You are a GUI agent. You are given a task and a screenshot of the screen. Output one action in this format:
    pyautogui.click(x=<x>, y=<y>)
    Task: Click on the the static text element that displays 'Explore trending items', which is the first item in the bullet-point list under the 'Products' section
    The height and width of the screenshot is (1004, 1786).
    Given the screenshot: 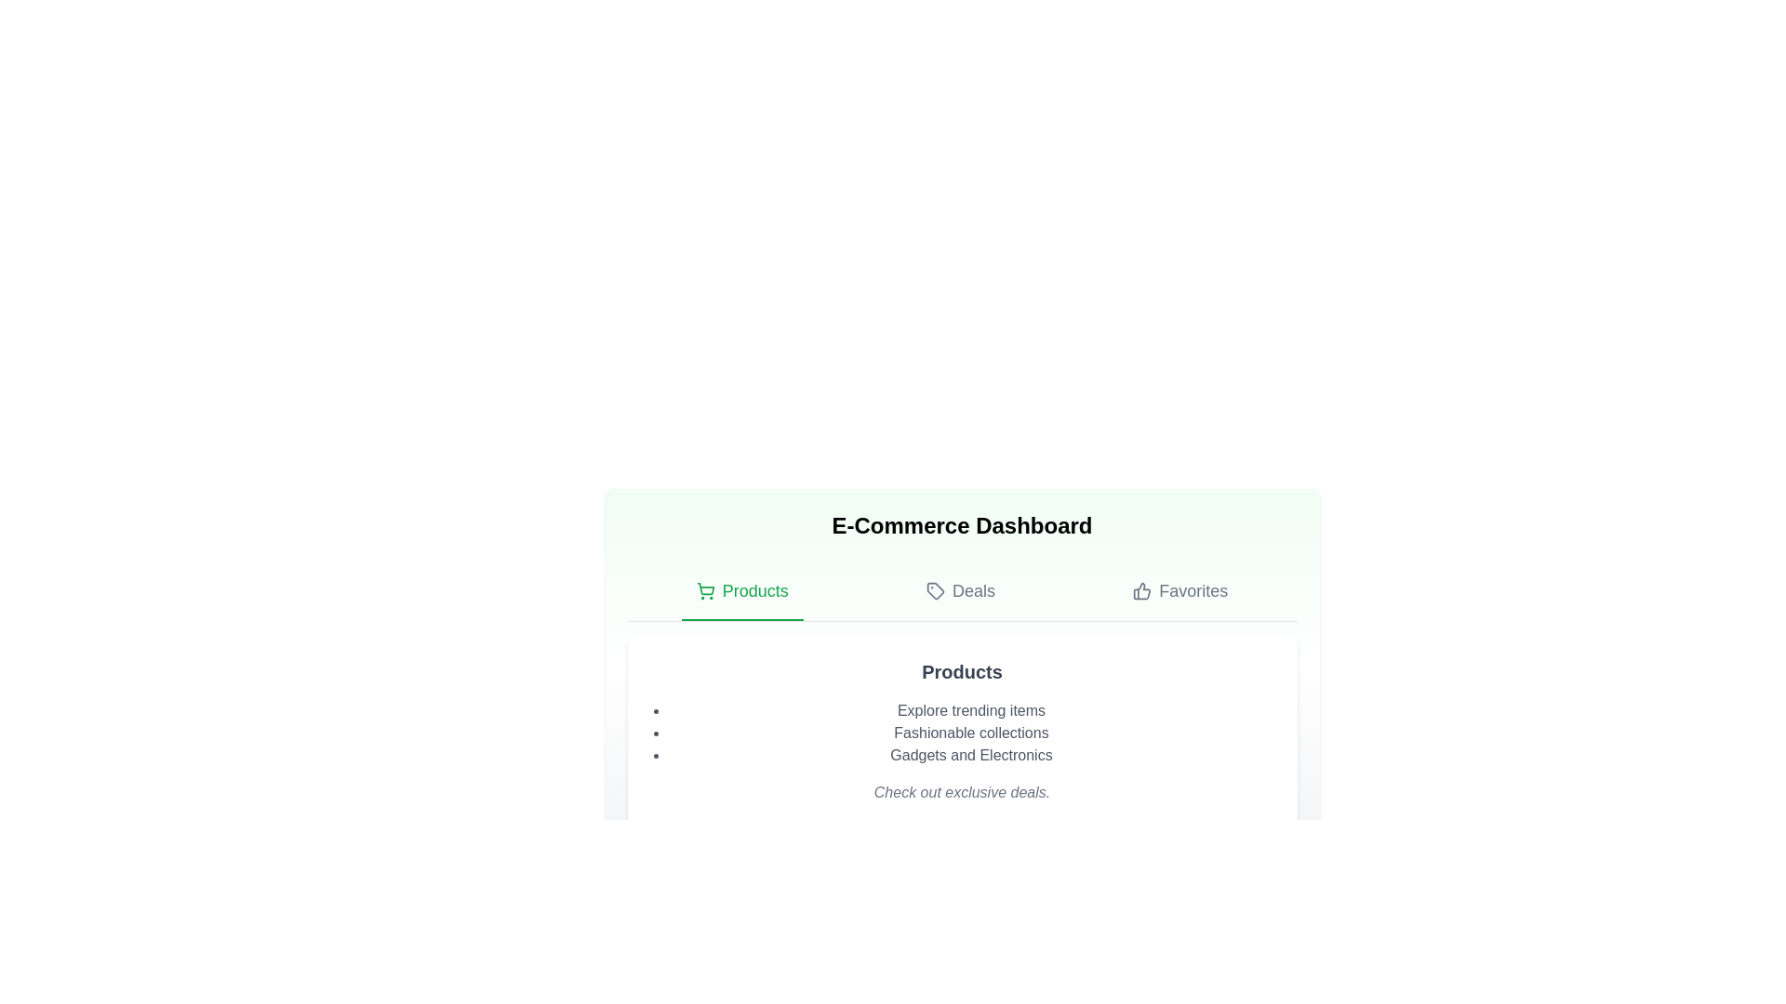 What is the action you would take?
    pyautogui.click(x=970, y=710)
    